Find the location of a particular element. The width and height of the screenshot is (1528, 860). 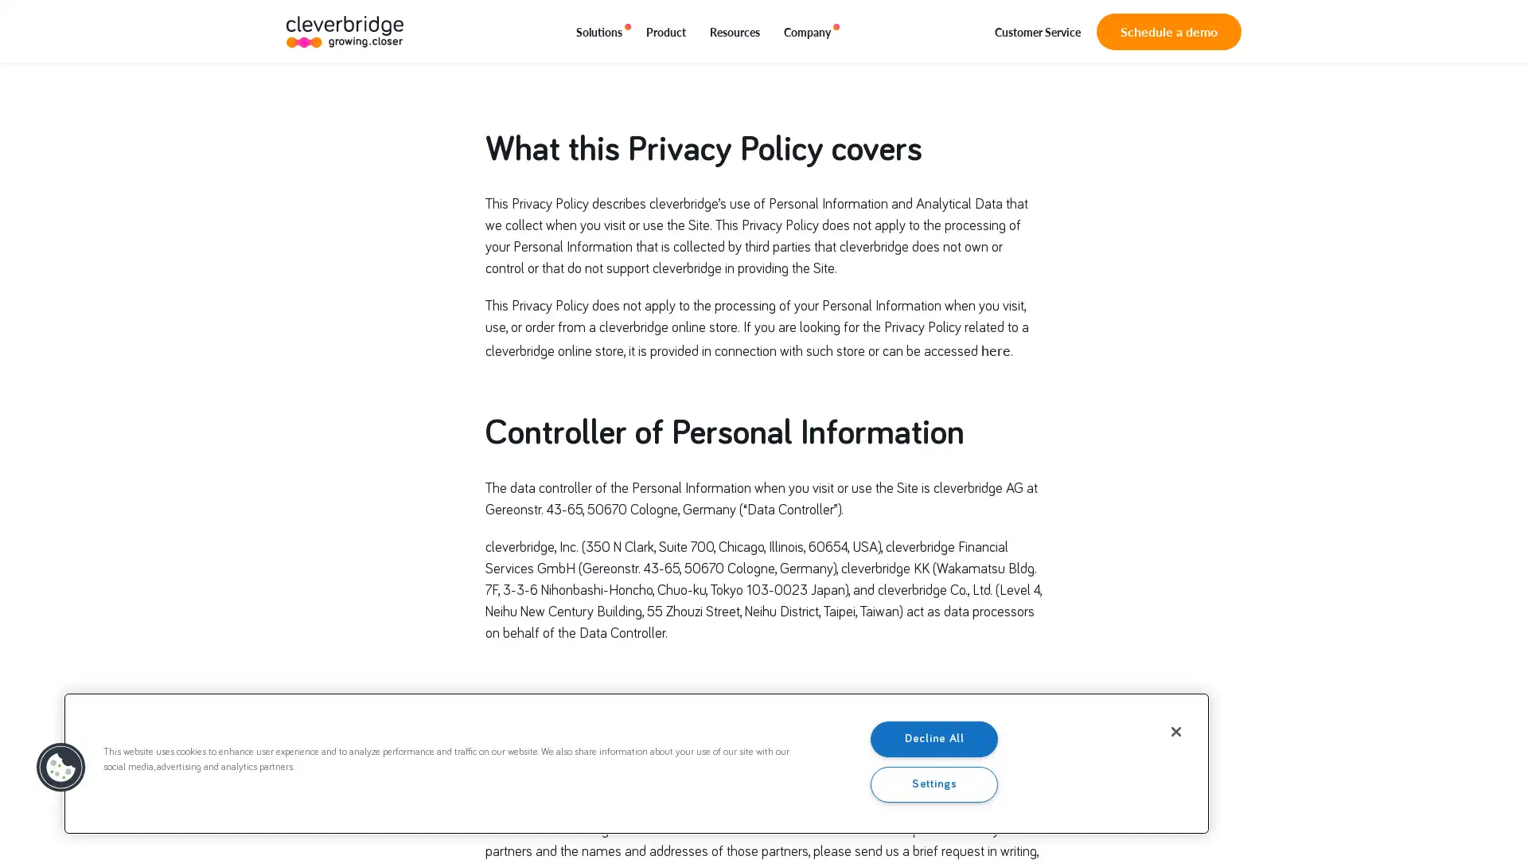

Settings is located at coordinates (934, 783).